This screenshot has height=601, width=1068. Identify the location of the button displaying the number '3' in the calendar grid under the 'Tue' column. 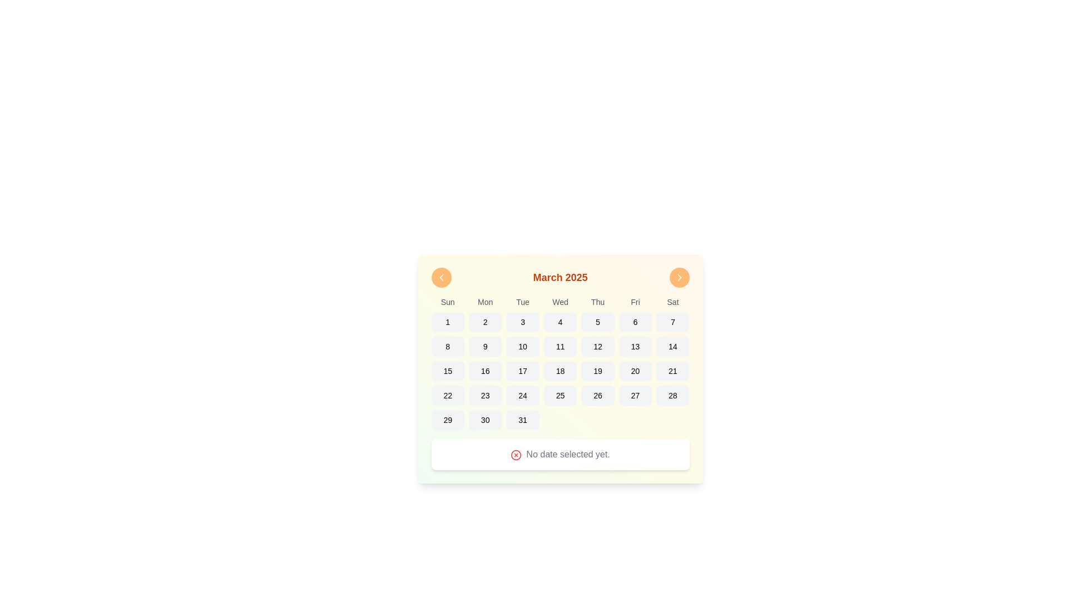
(522, 322).